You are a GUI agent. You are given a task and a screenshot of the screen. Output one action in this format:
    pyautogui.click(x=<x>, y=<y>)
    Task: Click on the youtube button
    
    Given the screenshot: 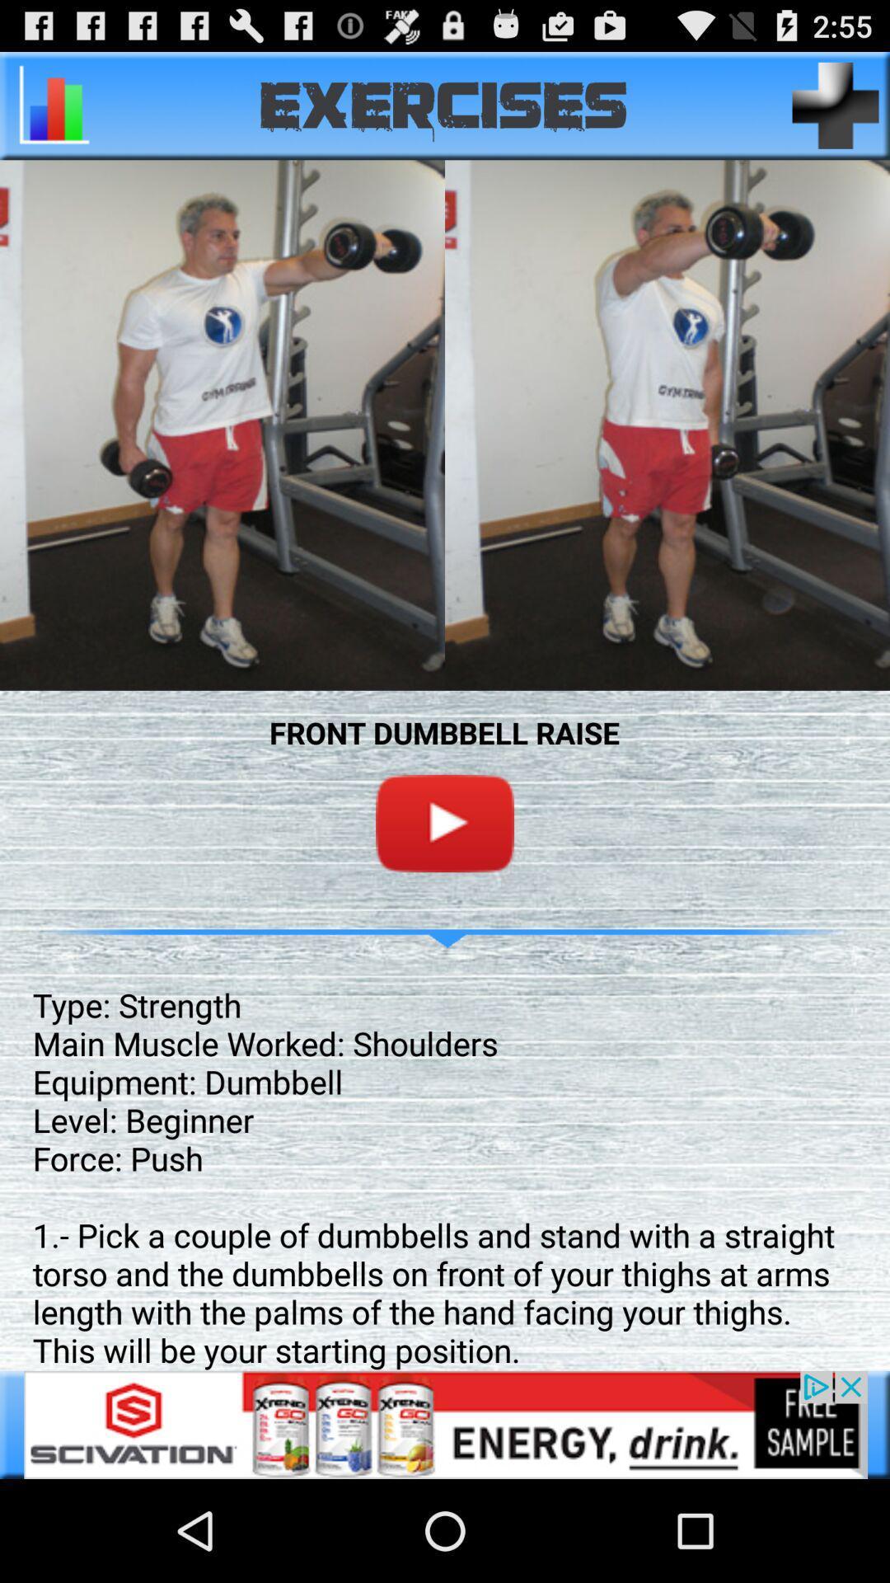 What is the action you would take?
    pyautogui.click(x=445, y=823)
    